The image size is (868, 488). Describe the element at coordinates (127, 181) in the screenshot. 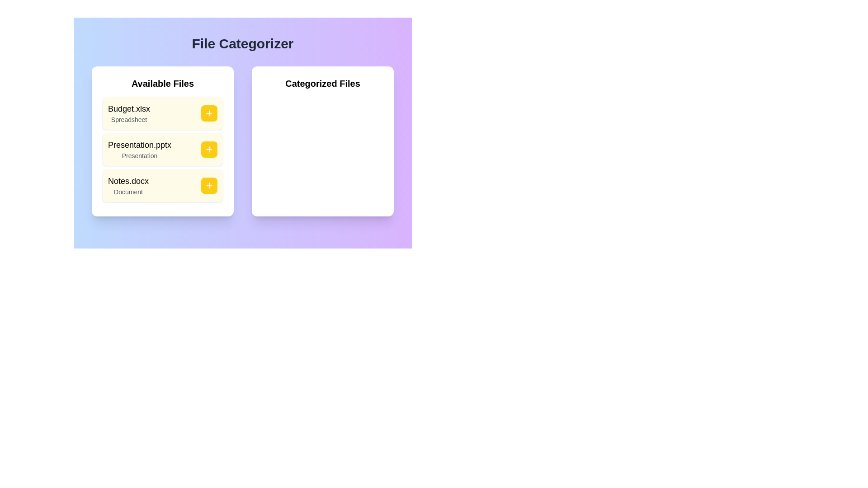

I see `the text label 'Notes.docx' located in the lower portion of a light yellow box in the 'Available Files' section` at that location.